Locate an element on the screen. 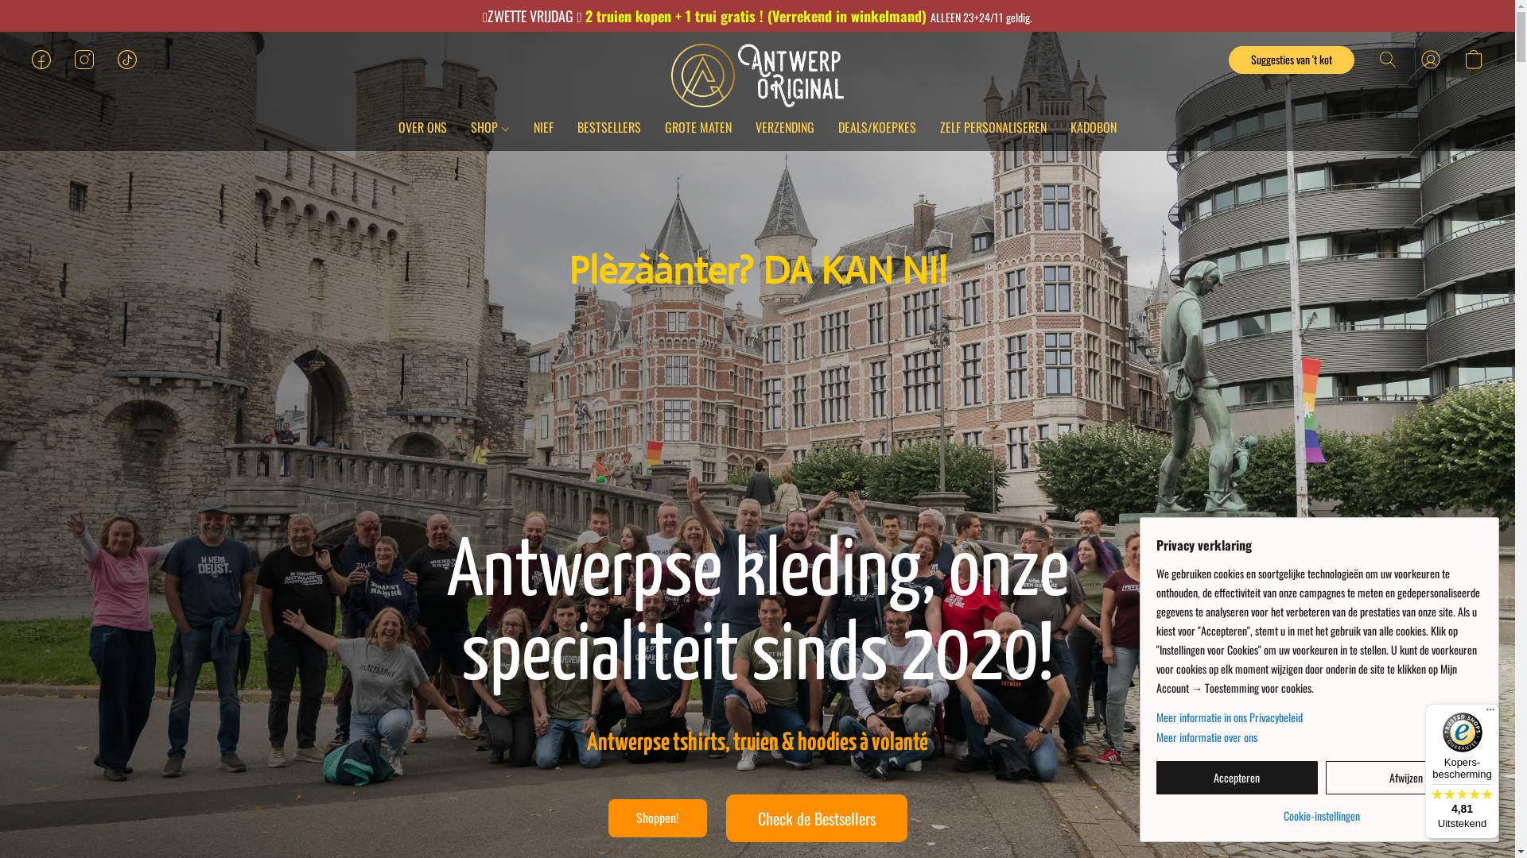 This screenshot has height=858, width=1527. 'Suggesties van 't kot' is located at coordinates (1291, 59).